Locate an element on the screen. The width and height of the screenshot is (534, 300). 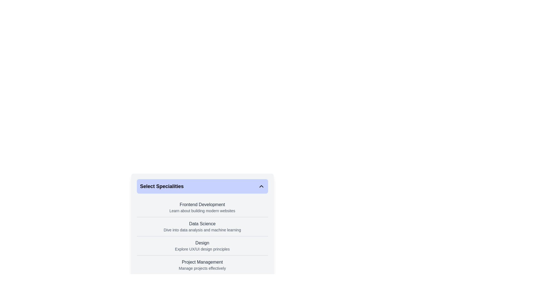
the static text label element that displays 'Explore UX/UI design principles', which is located directly beneath the 'Design' heading and is styled in a grayish color is located at coordinates (202, 249).